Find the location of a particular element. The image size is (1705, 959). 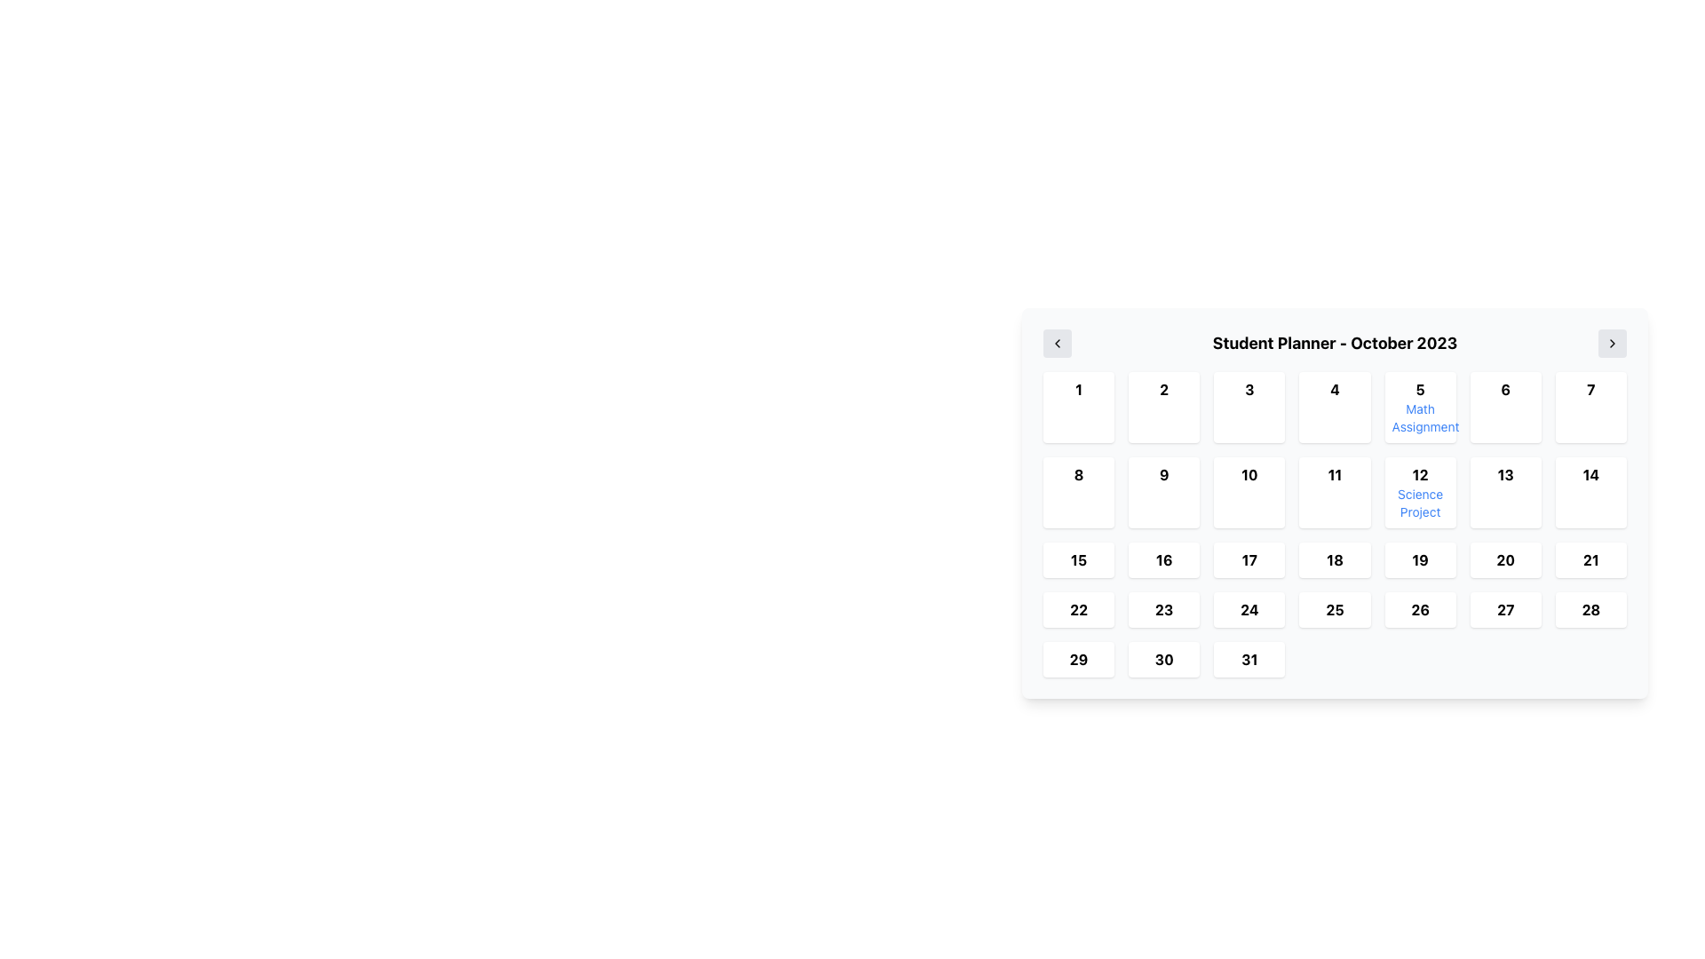

the static text display representing the day '23' in the calendar, located in the fourth row, second column of the 'Student Planner - October 2023' interface is located at coordinates (1164, 608).